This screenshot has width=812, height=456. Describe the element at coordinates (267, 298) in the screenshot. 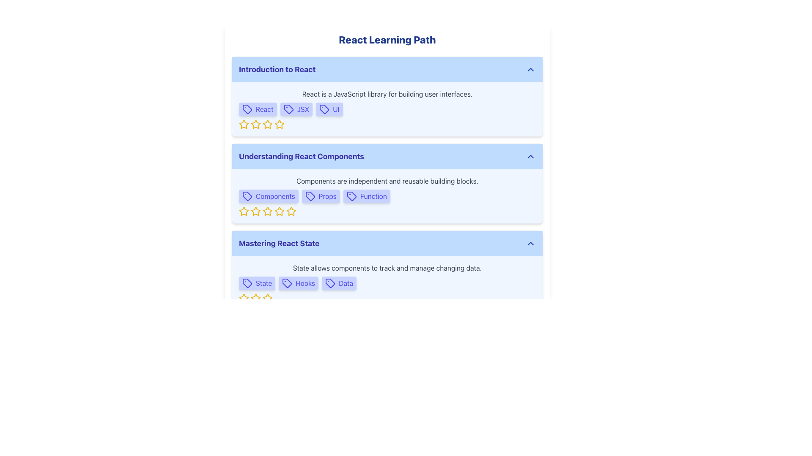

I see `the third star icon in the 'Mastering React State' section` at that location.